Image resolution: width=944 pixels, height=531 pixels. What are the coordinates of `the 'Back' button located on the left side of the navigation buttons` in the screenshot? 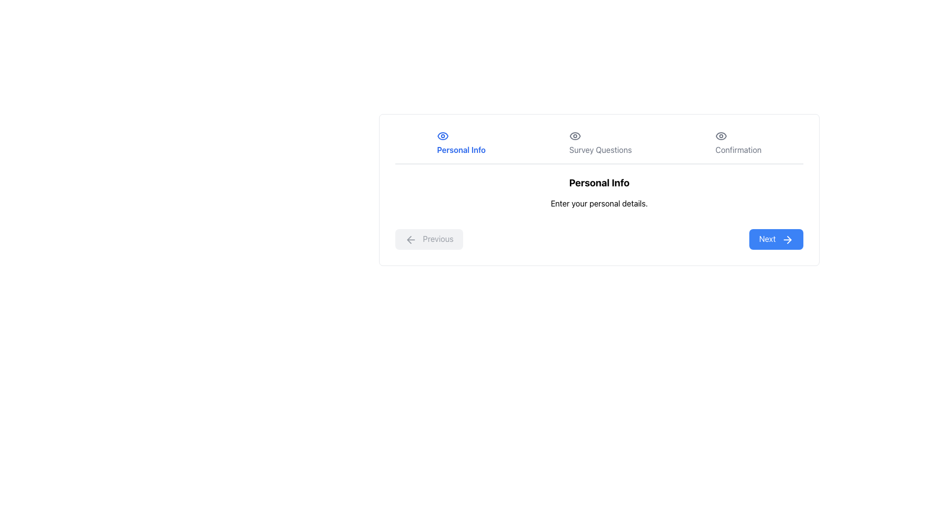 It's located at (429, 239).